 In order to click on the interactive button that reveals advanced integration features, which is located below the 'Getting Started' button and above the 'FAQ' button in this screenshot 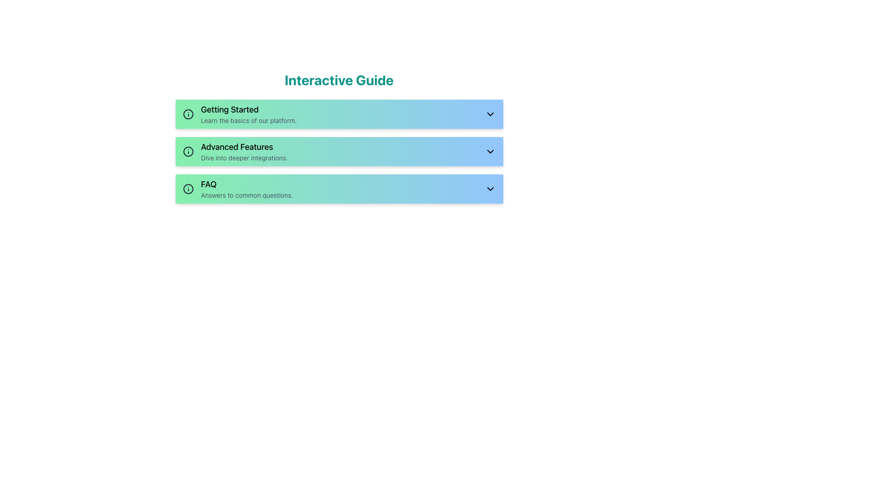, I will do `click(339, 151)`.